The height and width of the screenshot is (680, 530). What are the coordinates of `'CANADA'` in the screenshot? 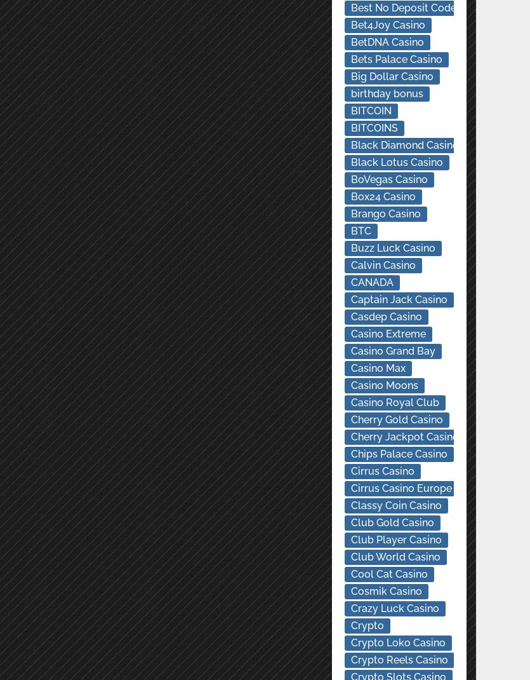 It's located at (371, 282).